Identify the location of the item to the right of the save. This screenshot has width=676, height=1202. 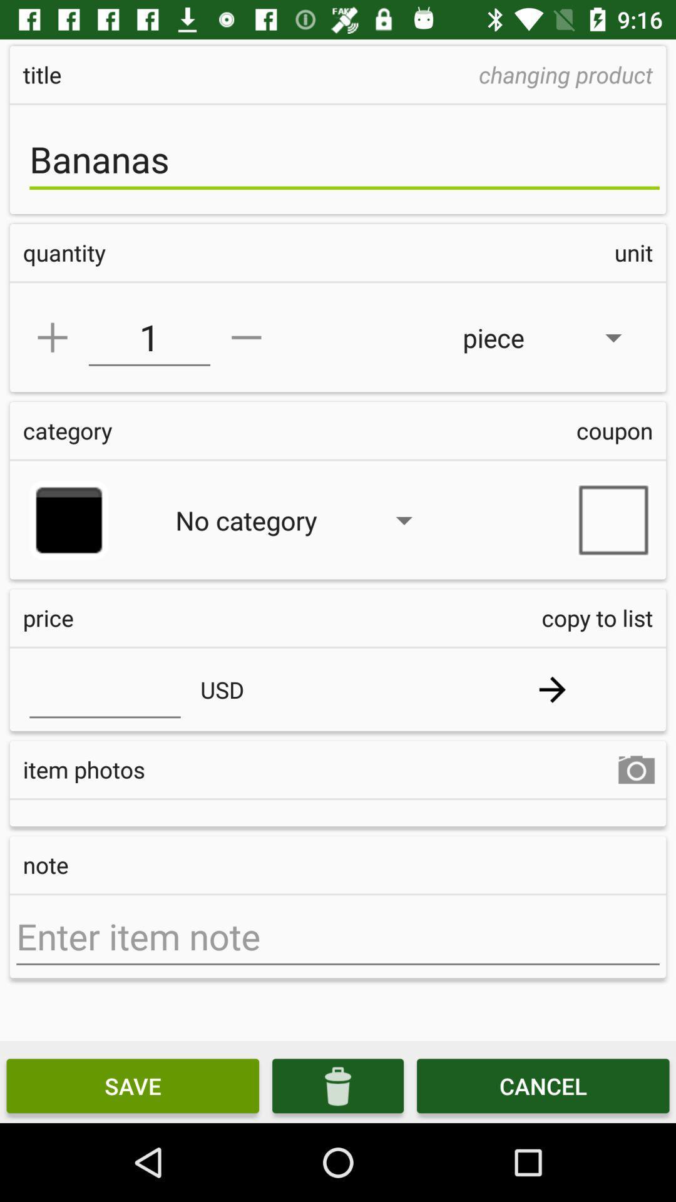
(338, 1085).